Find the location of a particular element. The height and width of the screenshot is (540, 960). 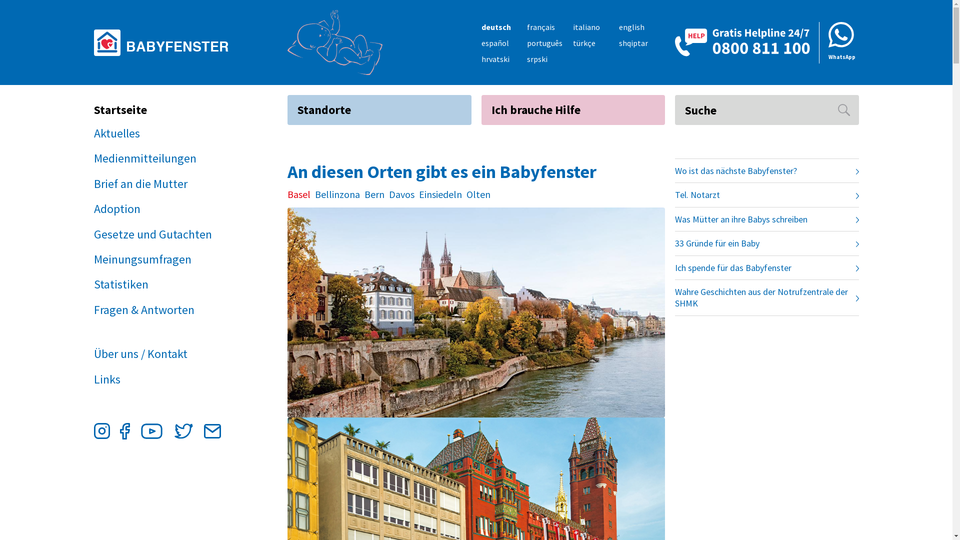

'WhatsApp' is located at coordinates (818, 42).